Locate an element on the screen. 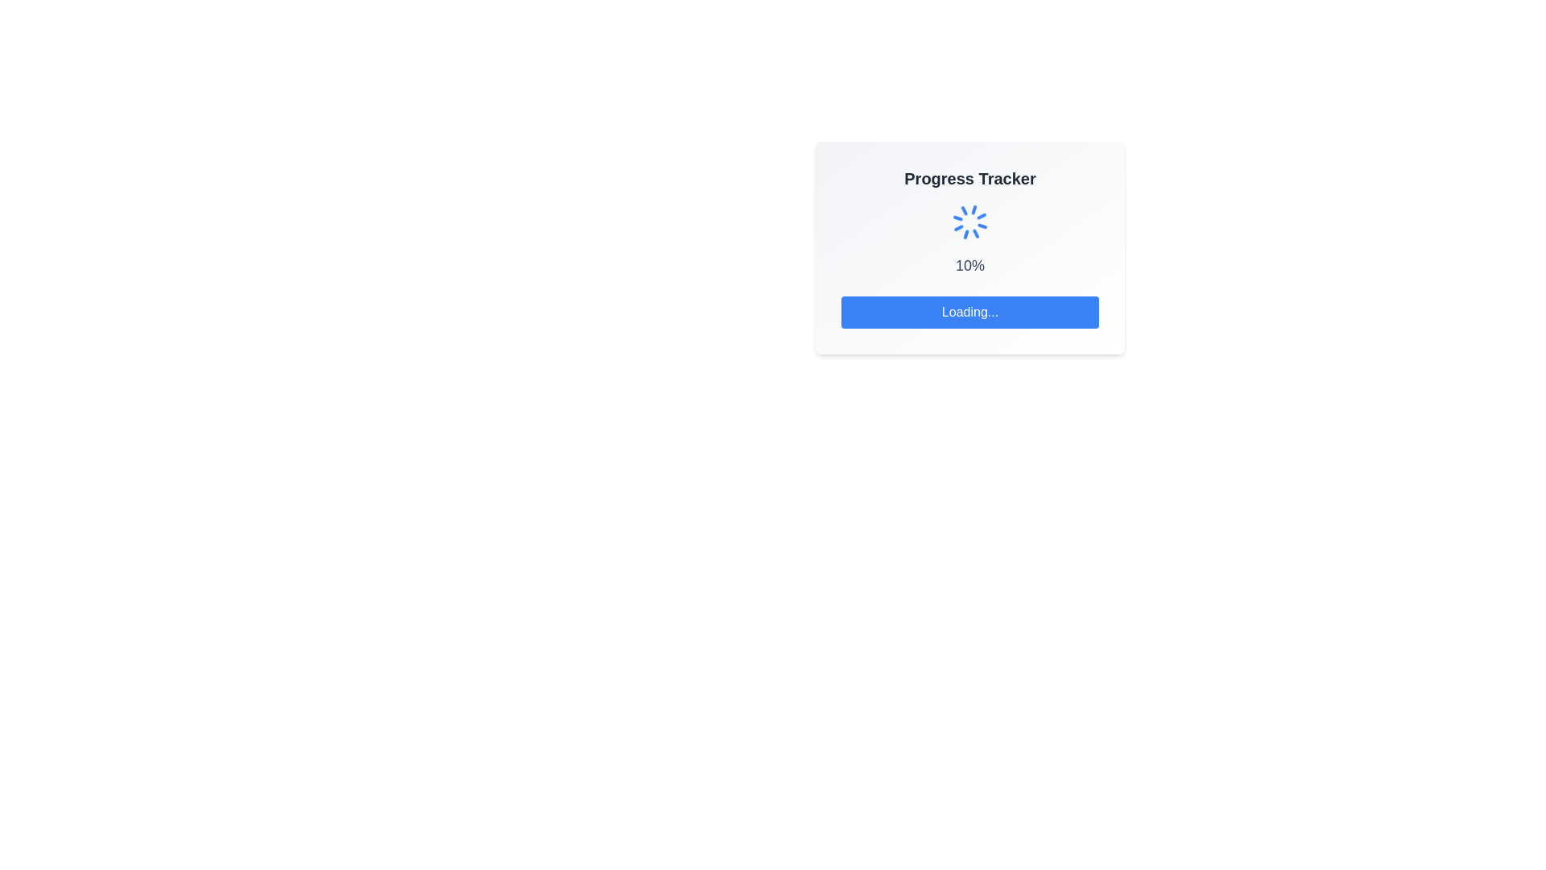 Image resolution: width=1546 pixels, height=870 pixels. the button with the label 'Loading...' which has a blue background, white text, and rounded corners, located at the bottom of the 'Progress Tracker' card is located at coordinates (969, 313).